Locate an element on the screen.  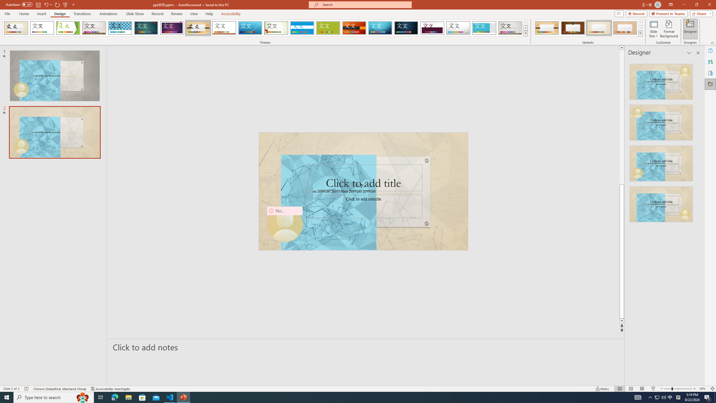
'Circuit' is located at coordinates (380, 28).